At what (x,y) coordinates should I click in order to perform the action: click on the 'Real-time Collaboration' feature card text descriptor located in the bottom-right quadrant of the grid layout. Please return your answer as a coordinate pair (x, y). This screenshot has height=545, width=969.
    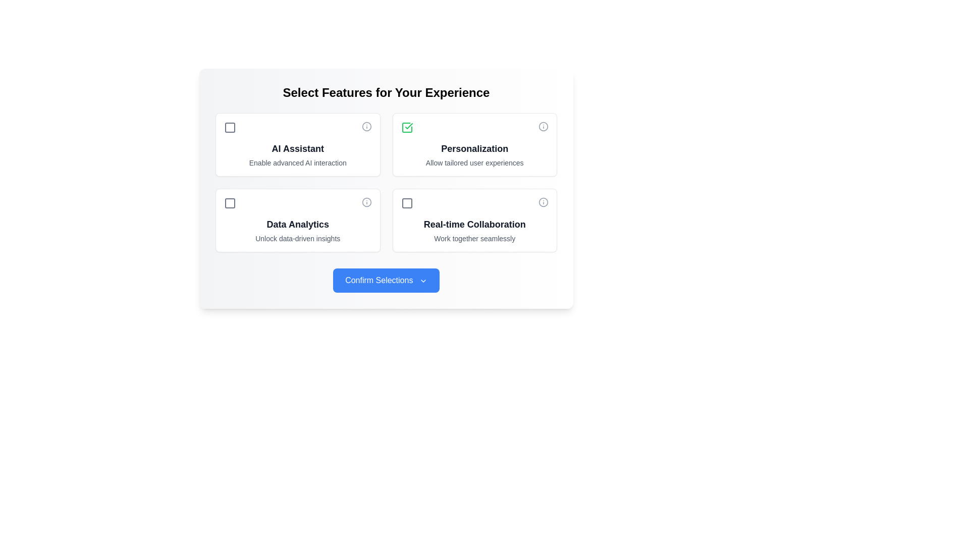
    Looking at the image, I should click on (474, 230).